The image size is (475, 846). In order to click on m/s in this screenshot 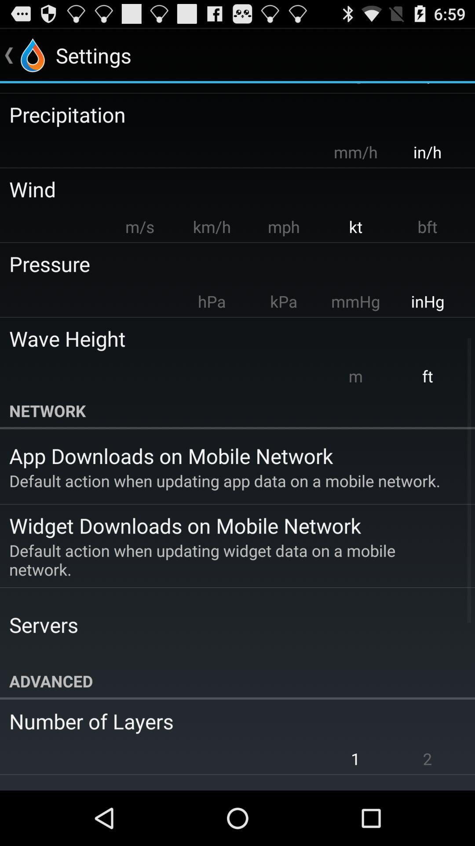, I will do `click(139, 226)`.